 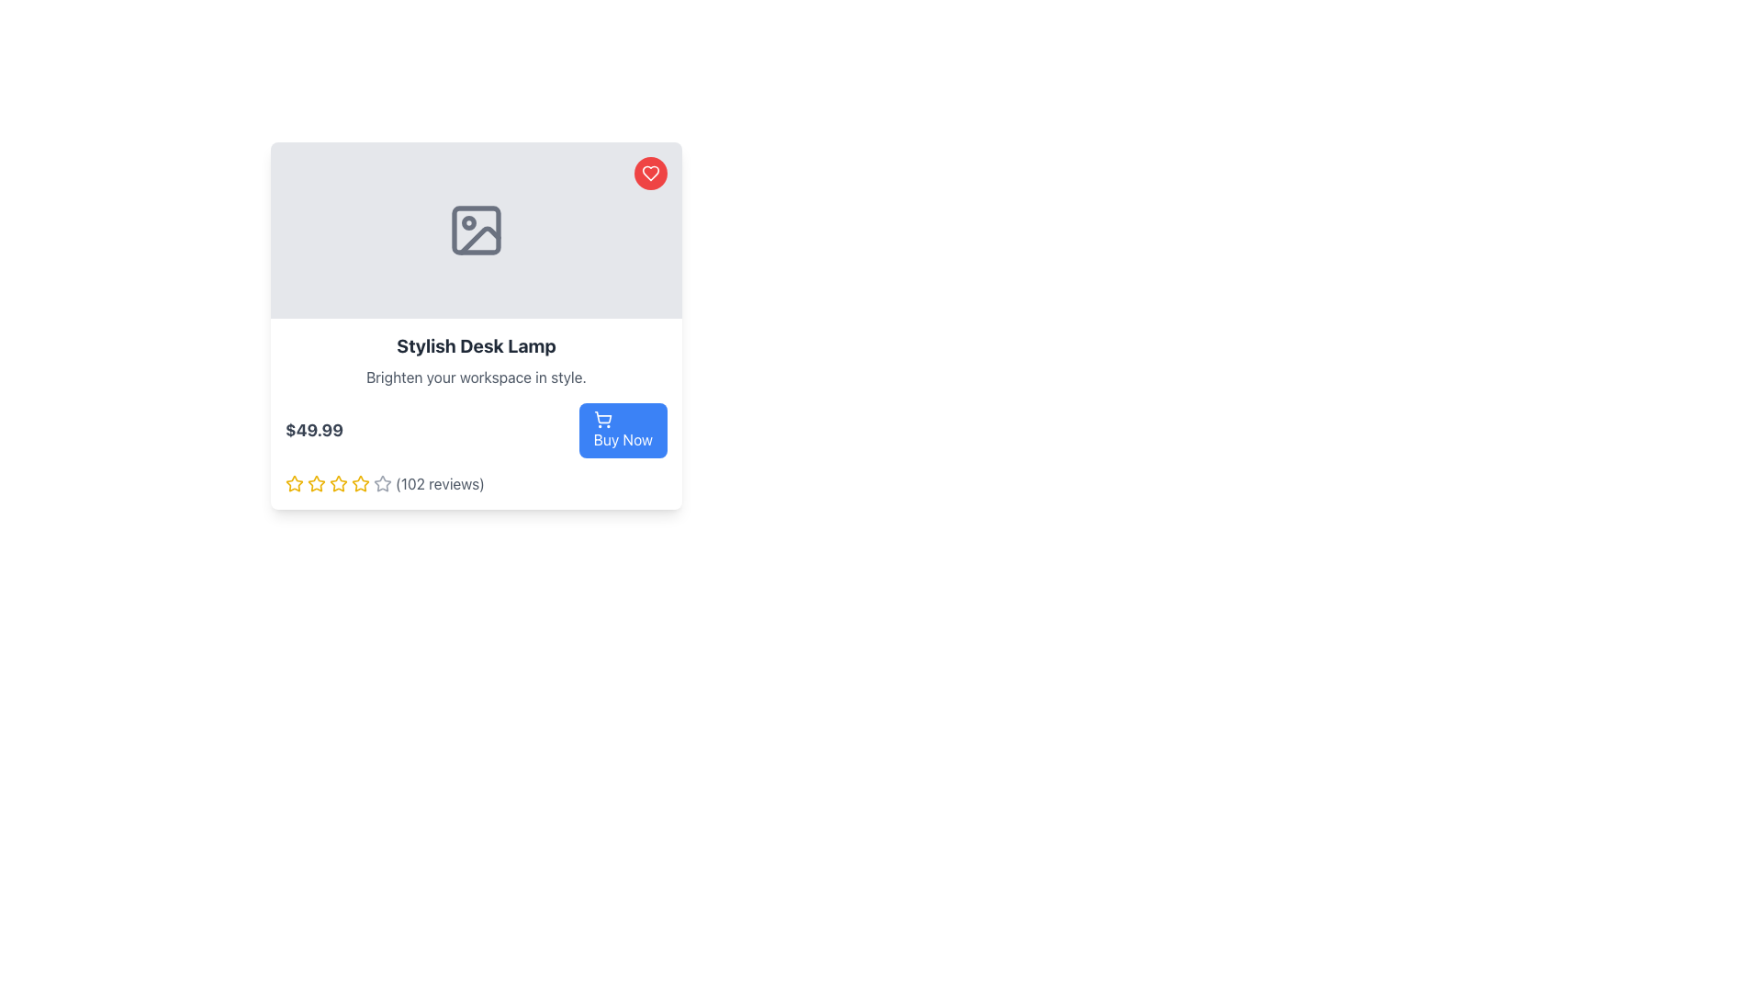 I want to click on the heart-shaped icon in the upper-right corner of the product card to mark the product as a favorite, so click(x=651, y=174).